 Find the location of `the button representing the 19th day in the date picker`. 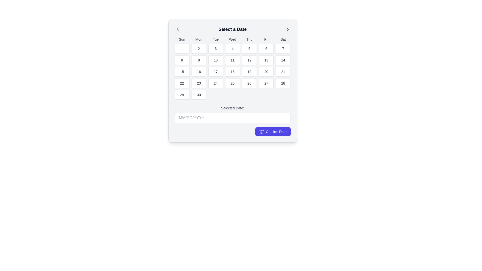

the button representing the 19th day in the date picker is located at coordinates (249, 72).